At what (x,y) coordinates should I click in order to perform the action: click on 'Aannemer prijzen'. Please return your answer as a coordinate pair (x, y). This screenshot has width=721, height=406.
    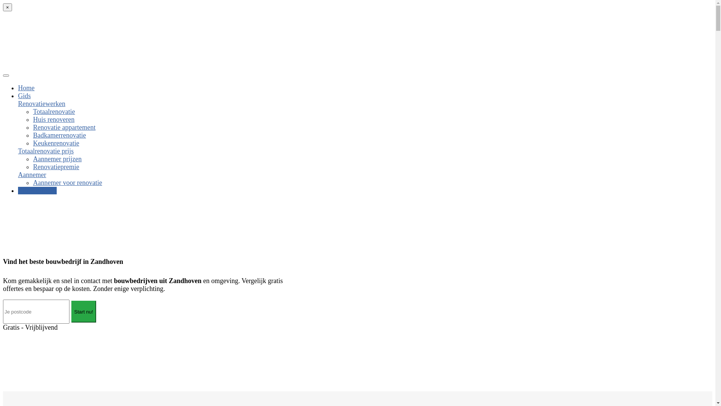
    Looking at the image, I should click on (57, 159).